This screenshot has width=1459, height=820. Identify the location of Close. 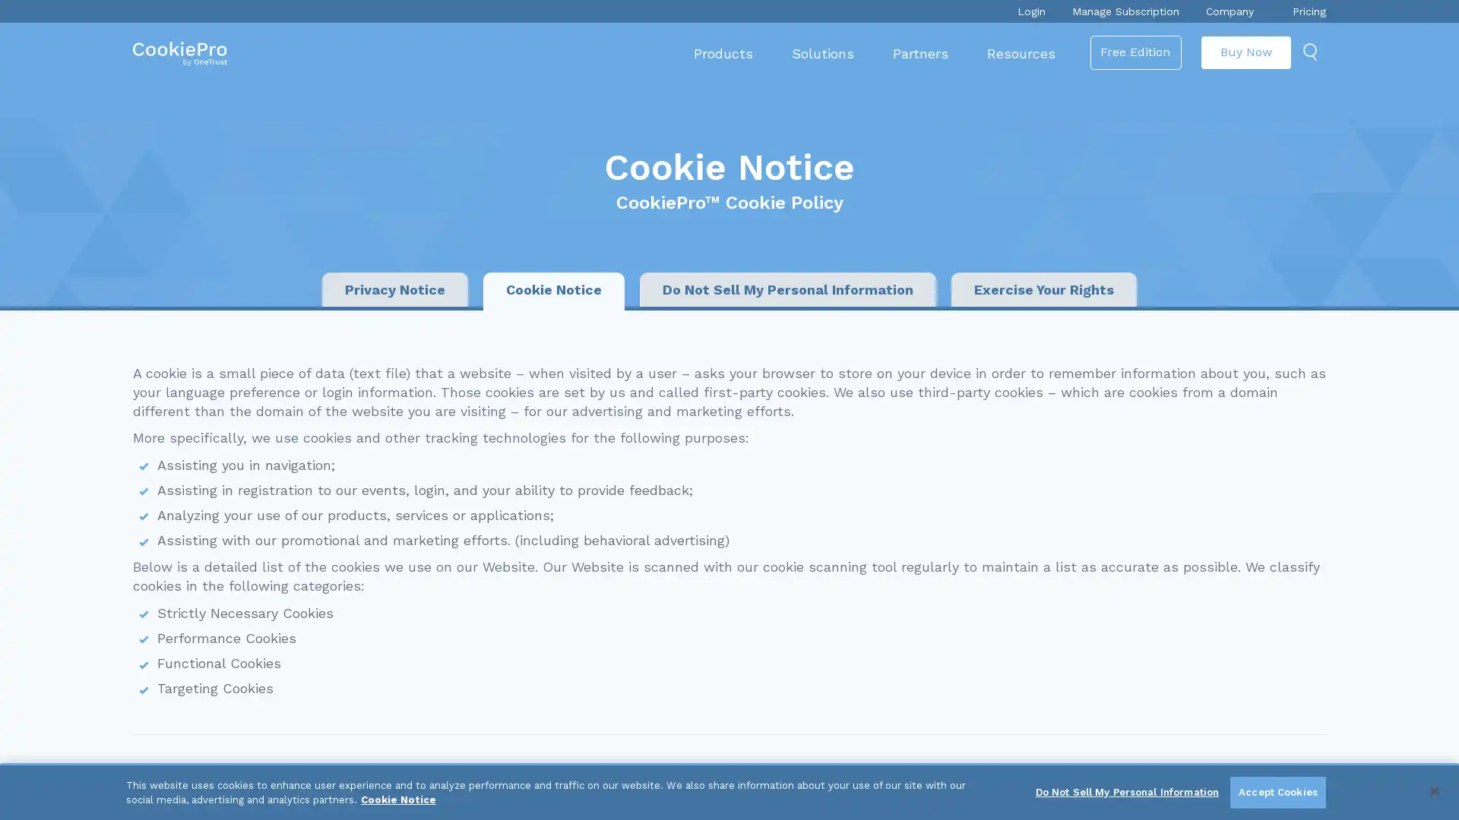
(1433, 790).